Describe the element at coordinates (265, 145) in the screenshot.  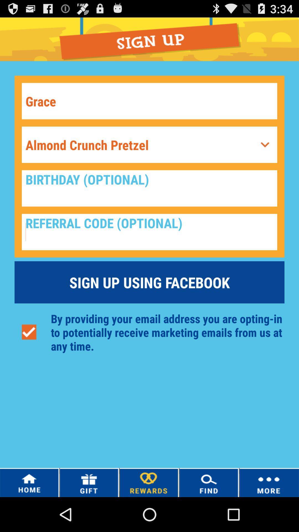
I see `previous` at that location.